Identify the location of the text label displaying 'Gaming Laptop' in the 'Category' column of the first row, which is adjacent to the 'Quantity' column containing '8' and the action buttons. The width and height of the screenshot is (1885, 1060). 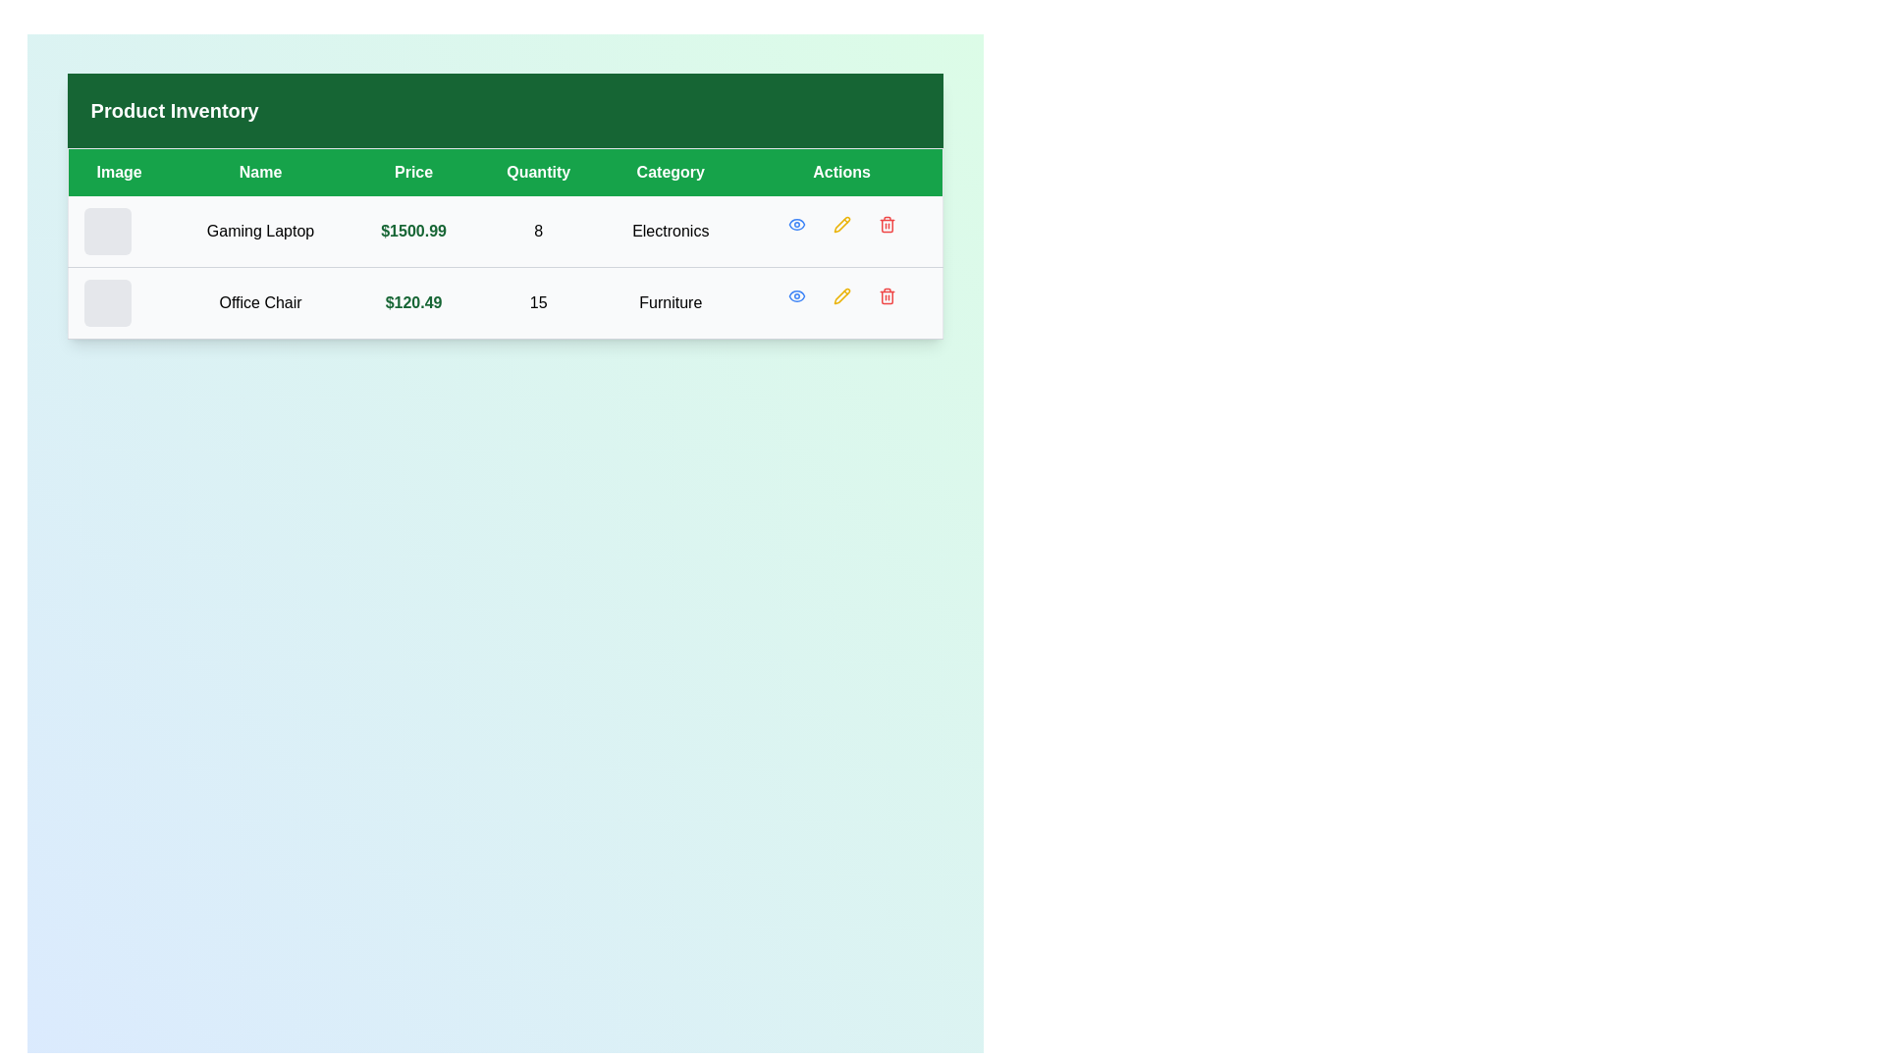
(671, 231).